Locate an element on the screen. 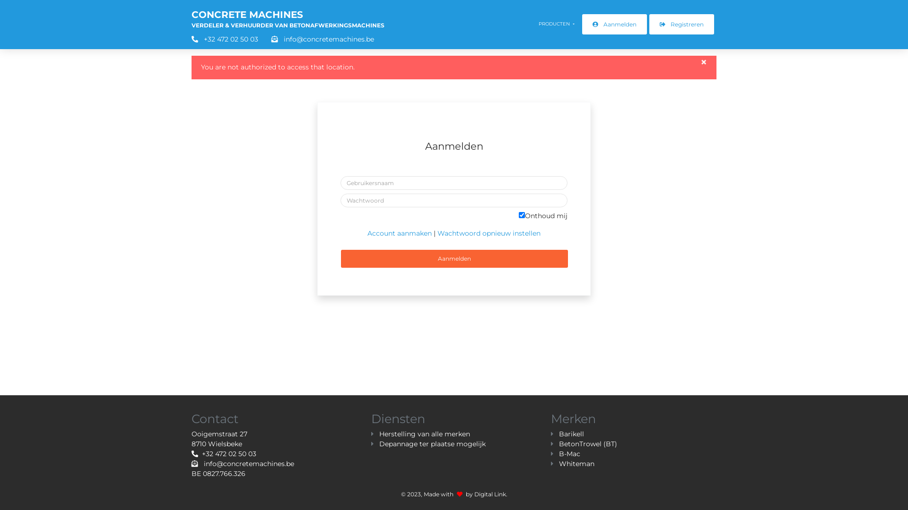 This screenshot has height=510, width=908. 'info@concretemachines.be' is located at coordinates (317, 39).